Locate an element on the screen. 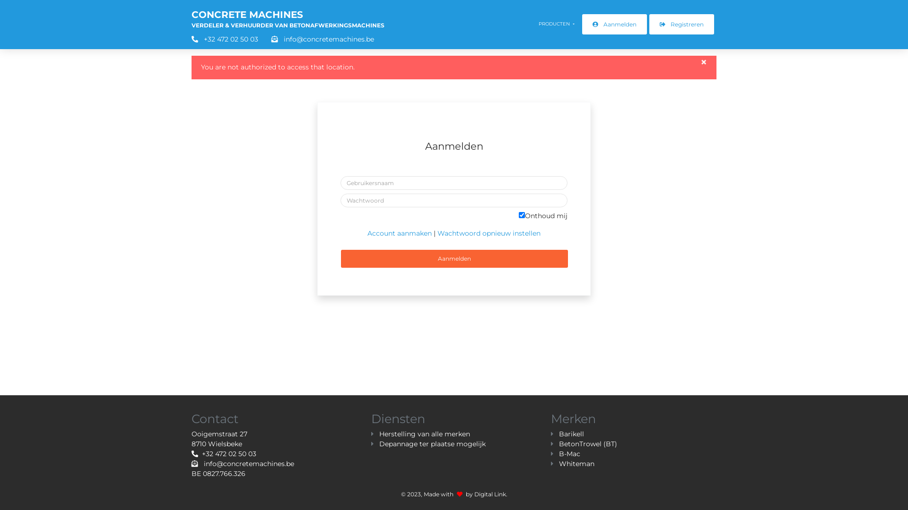 This screenshot has height=510, width=908. 'info@concretemachines.be' is located at coordinates (317, 39).